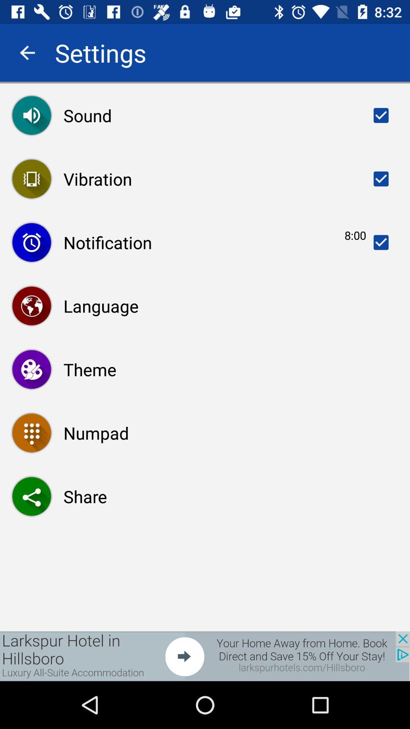  What do you see at coordinates (381, 178) in the screenshot?
I see `check box for switching vibration on off` at bounding box center [381, 178].